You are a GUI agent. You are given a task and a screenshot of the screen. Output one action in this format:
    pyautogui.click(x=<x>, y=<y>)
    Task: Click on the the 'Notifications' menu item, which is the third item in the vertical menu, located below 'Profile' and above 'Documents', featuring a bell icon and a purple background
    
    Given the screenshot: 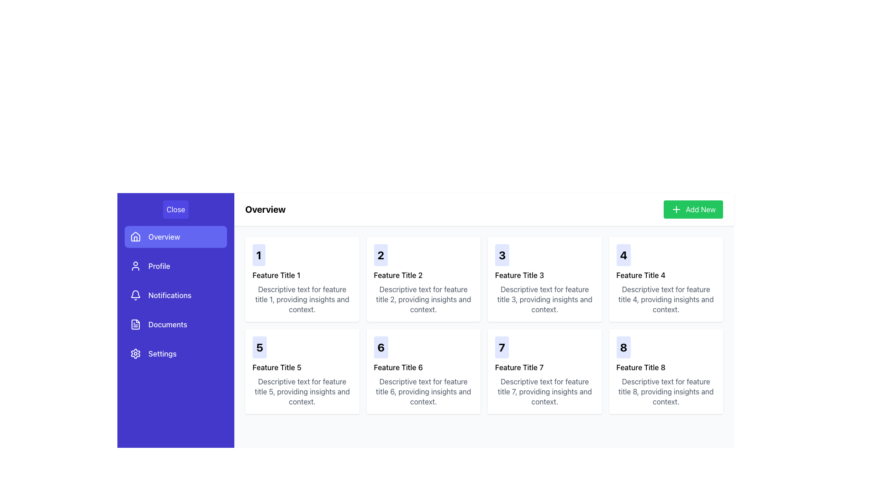 What is the action you would take?
    pyautogui.click(x=175, y=295)
    